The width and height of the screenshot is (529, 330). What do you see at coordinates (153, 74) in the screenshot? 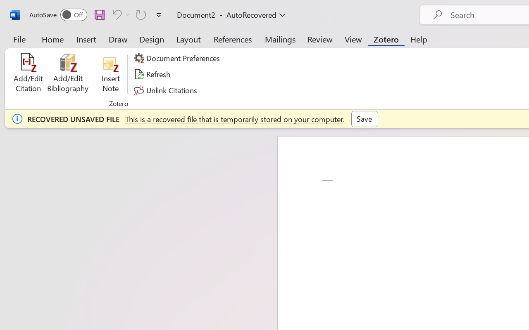
I see `'Refresh'` at bounding box center [153, 74].